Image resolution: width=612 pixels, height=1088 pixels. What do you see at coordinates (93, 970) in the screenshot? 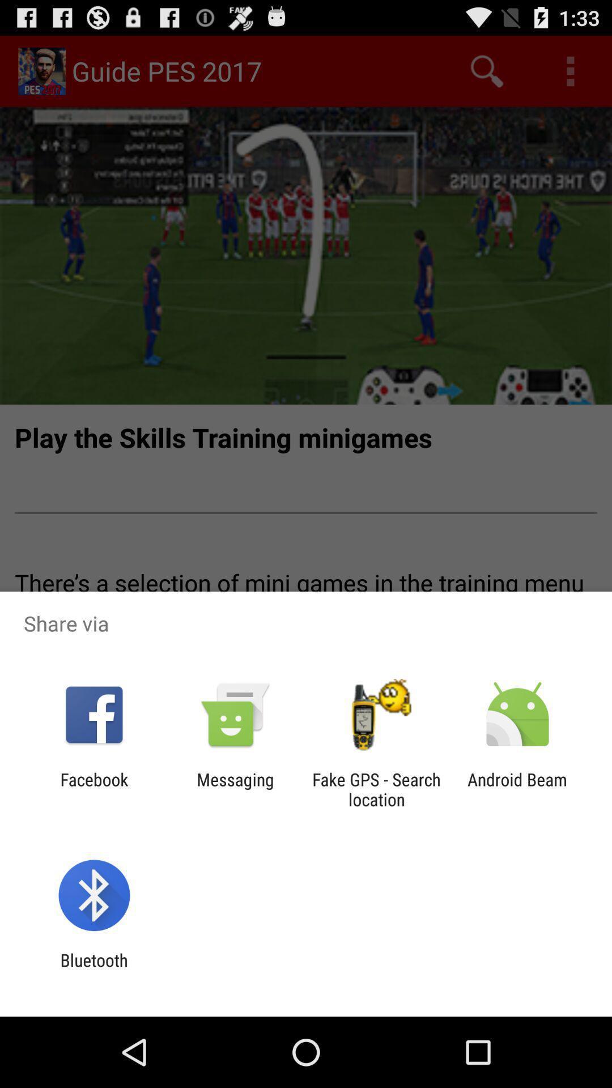
I see `bluetooth item` at bounding box center [93, 970].